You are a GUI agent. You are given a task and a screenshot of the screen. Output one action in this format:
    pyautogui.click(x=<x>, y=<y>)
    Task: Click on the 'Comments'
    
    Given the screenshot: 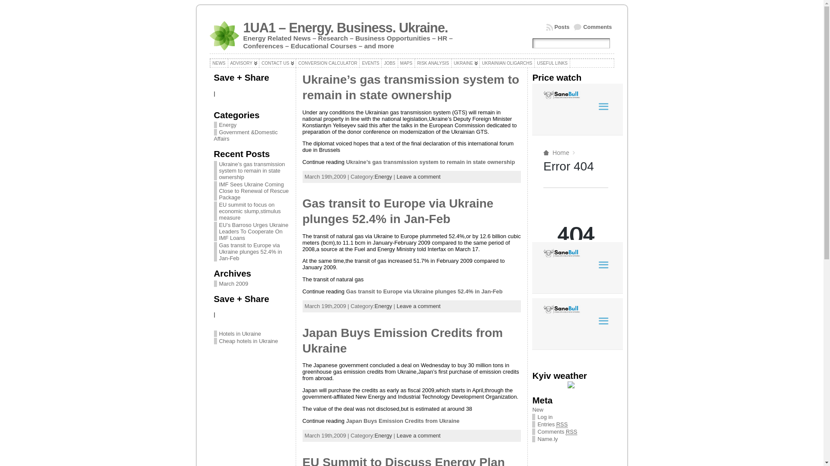 What is the action you would take?
    pyautogui.click(x=592, y=26)
    